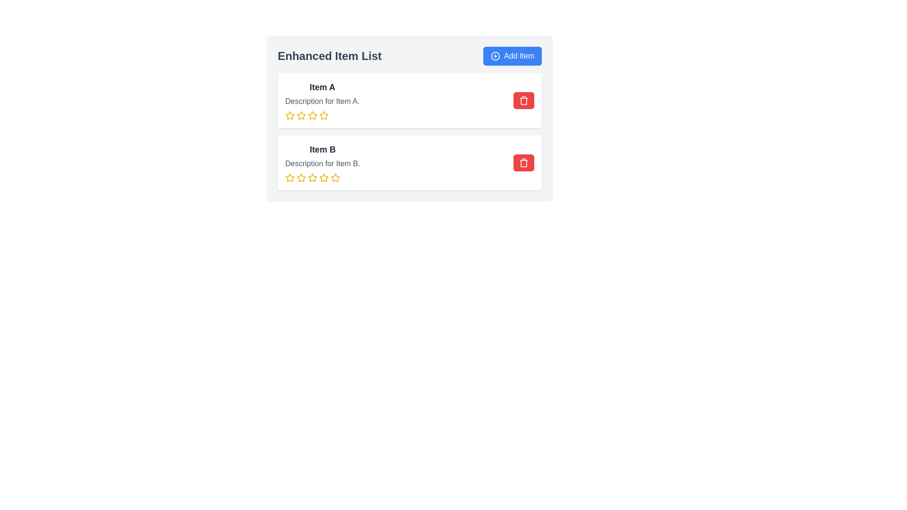 Image resolution: width=907 pixels, height=510 pixels. Describe the element at coordinates (322, 87) in the screenshot. I see `the primary heading text located at the top of the first card in the list to aid in quick identification of the item's name` at that location.